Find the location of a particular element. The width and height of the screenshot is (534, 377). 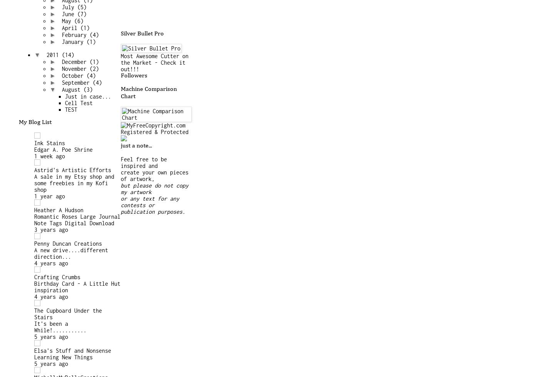

'Penny Duncan Creations' is located at coordinates (33, 243).